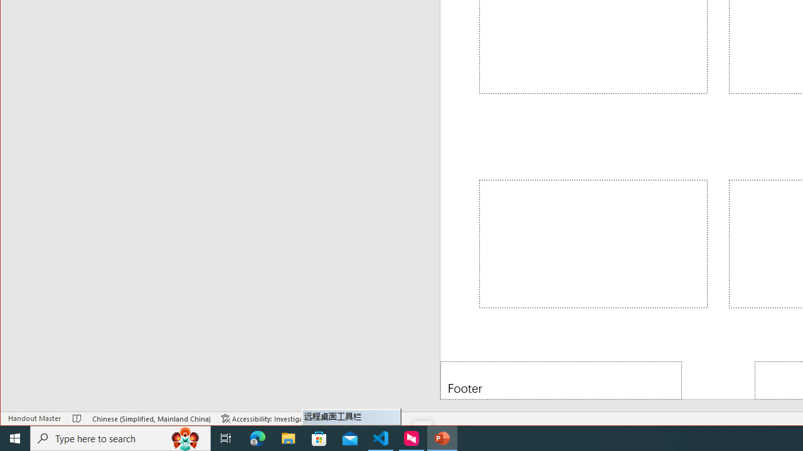  What do you see at coordinates (15, 437) in the screenshot?
I see `'Start'` at bounding box center [15, 437].